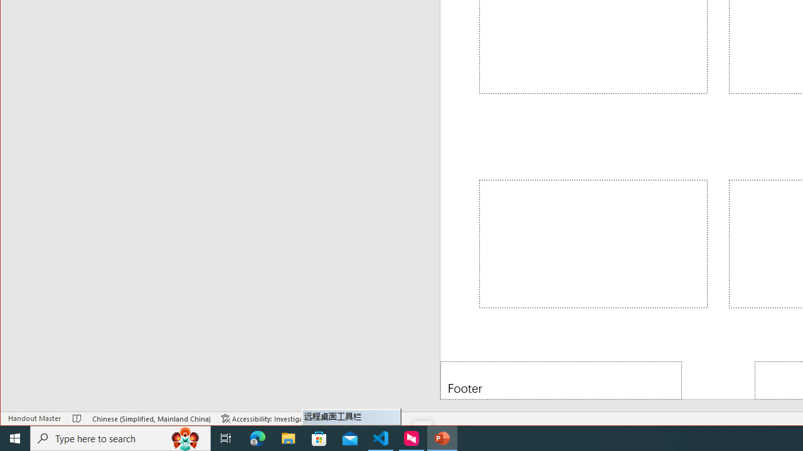  What do you see at coordinates (15, 437) in the screenshot?
I see `'Start'` at bounding box center [15, 437].